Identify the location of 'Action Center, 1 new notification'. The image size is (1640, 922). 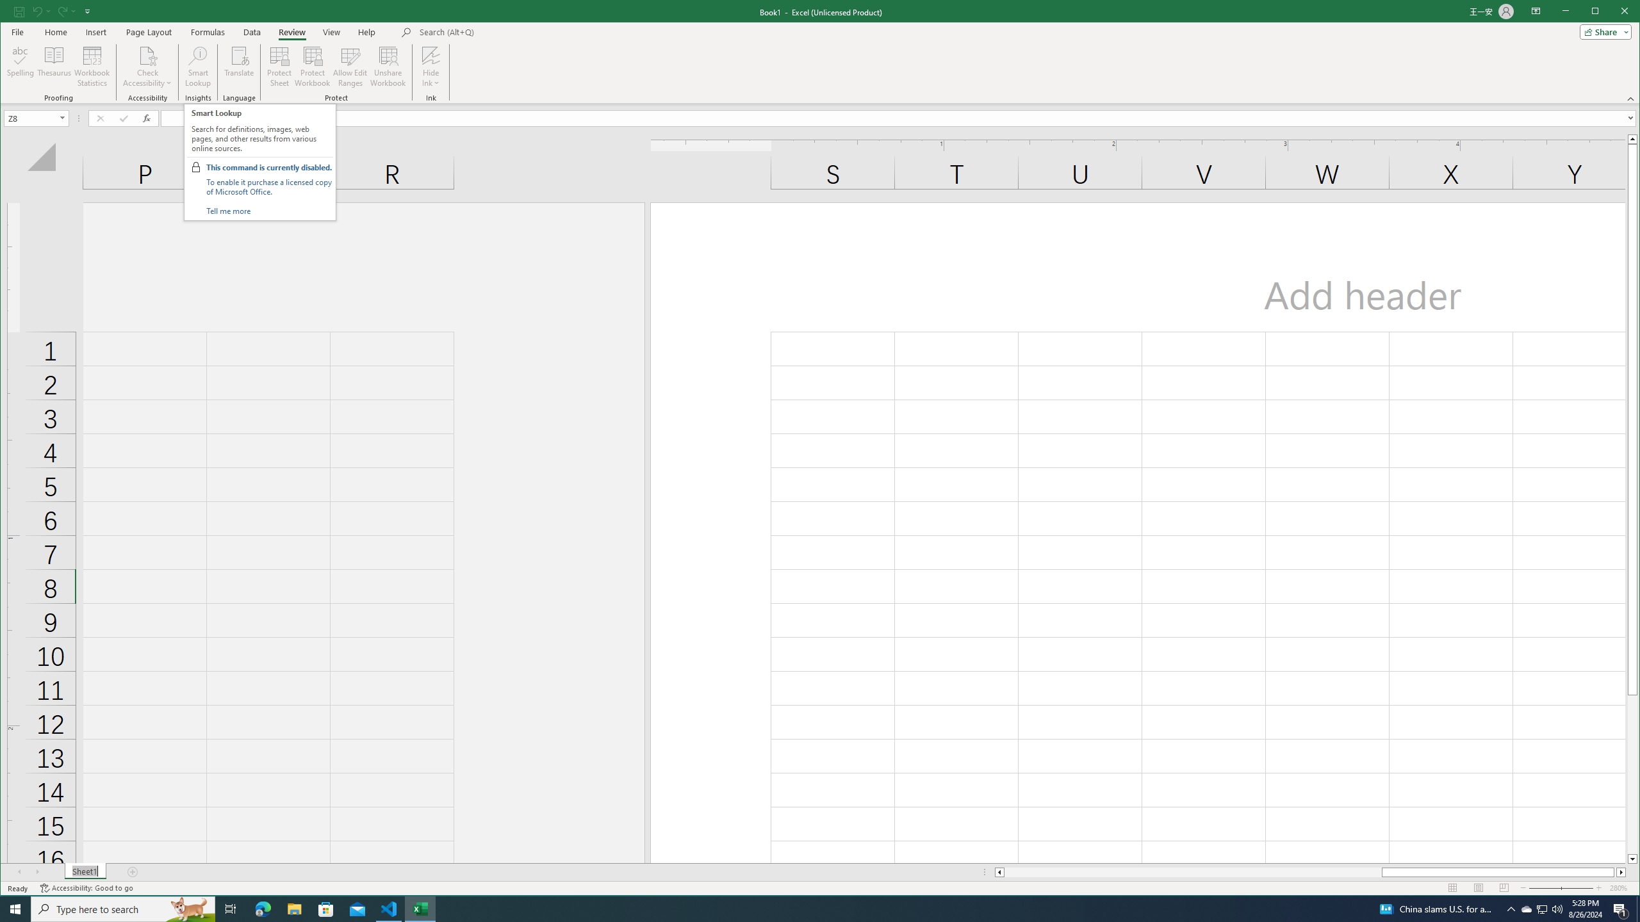
(1621, 908).